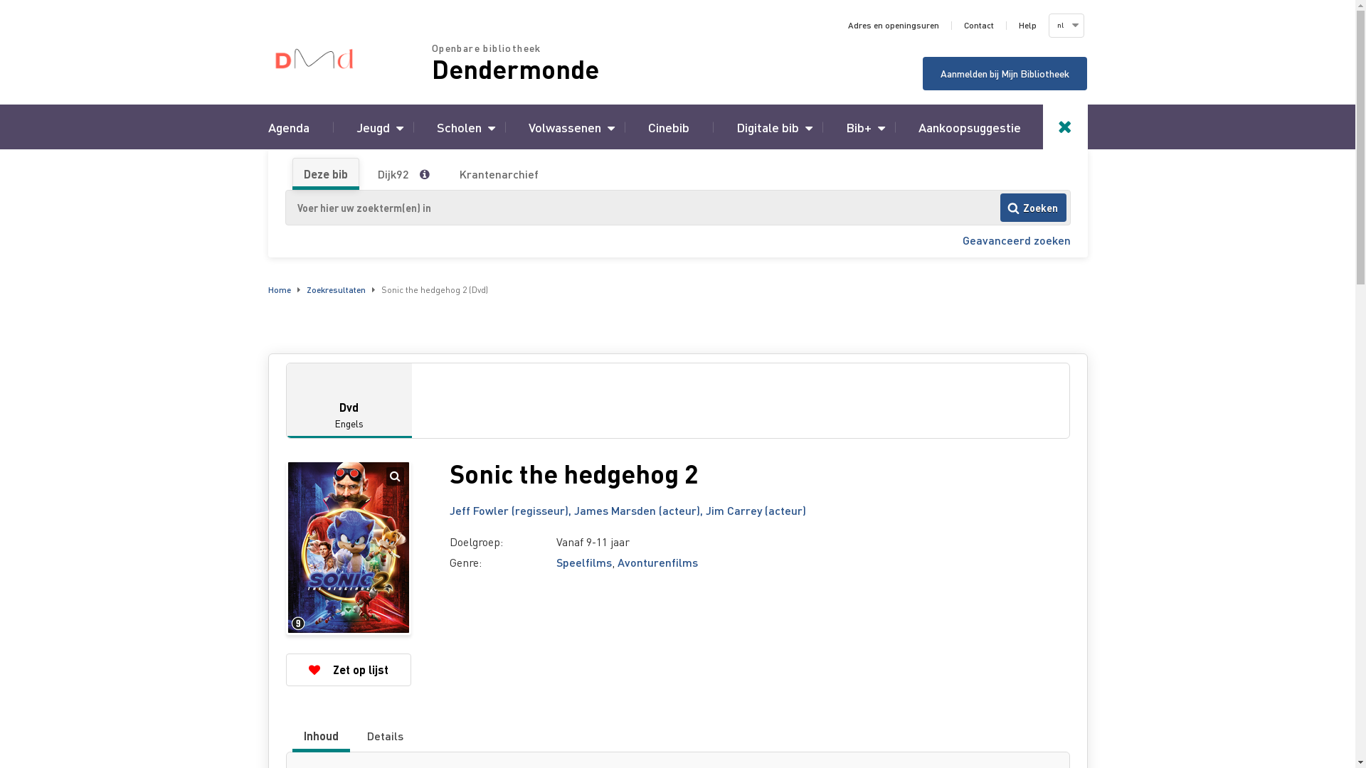  I want to click on 'Deze bib', so click(324, 174).